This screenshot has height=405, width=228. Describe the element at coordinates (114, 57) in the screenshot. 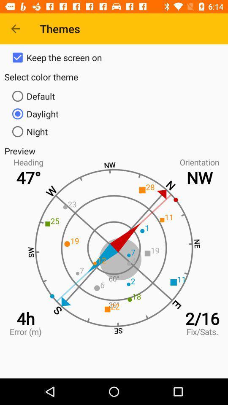

I see `the item above the select color theme item` at that location.